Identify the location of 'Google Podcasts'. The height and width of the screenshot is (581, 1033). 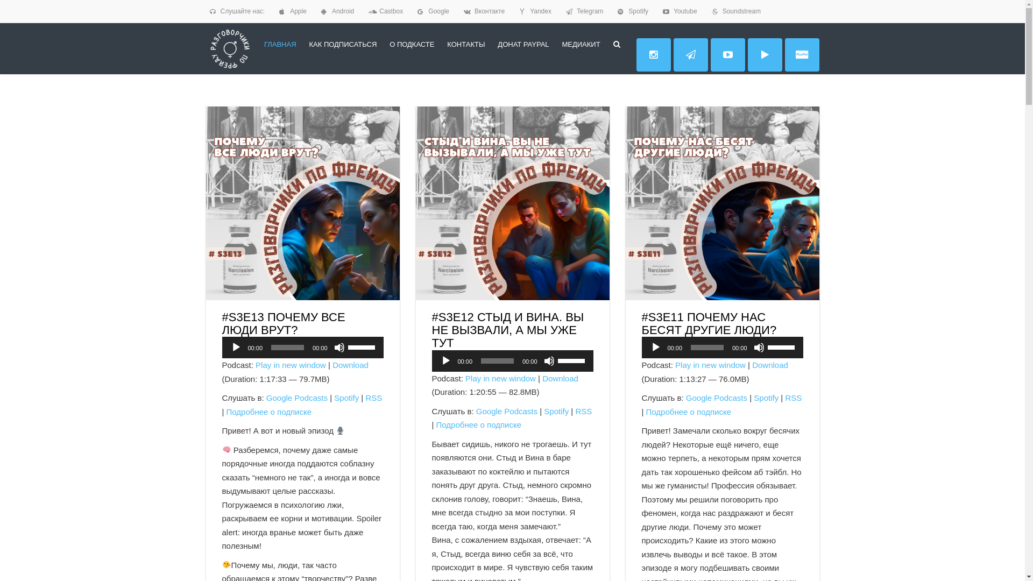
(297, 398).